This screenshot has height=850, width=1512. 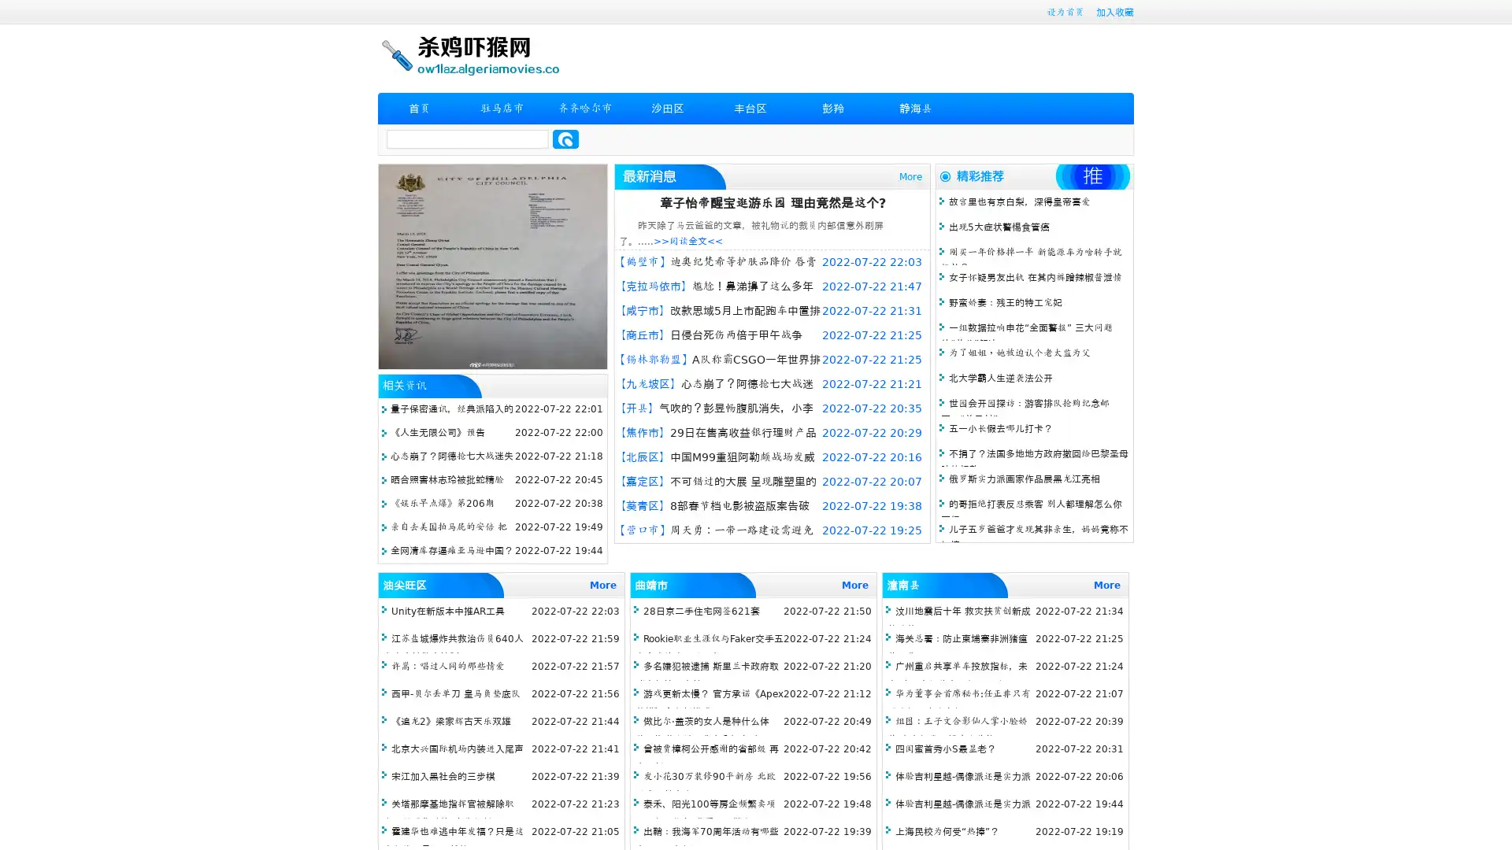 I want to click on Search, so click(x=565, y=139).